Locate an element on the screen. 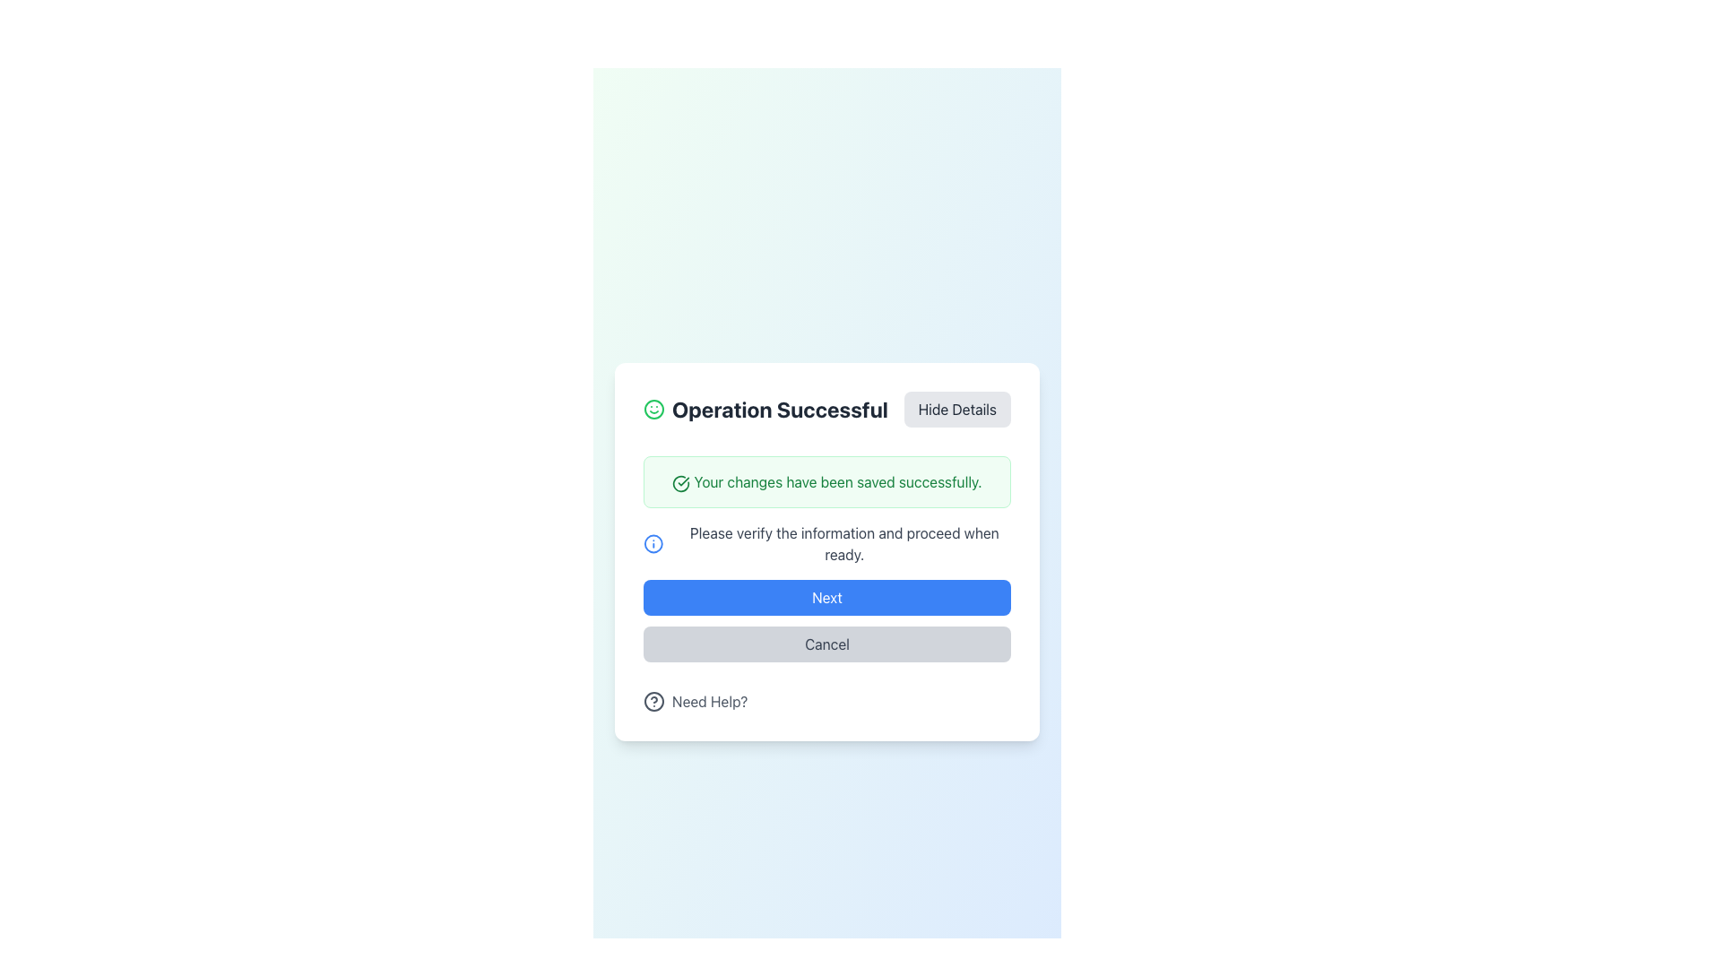  text from the header of the pop-up dialog box that states 'Operation Successful' is located at coordinates (765, 409).